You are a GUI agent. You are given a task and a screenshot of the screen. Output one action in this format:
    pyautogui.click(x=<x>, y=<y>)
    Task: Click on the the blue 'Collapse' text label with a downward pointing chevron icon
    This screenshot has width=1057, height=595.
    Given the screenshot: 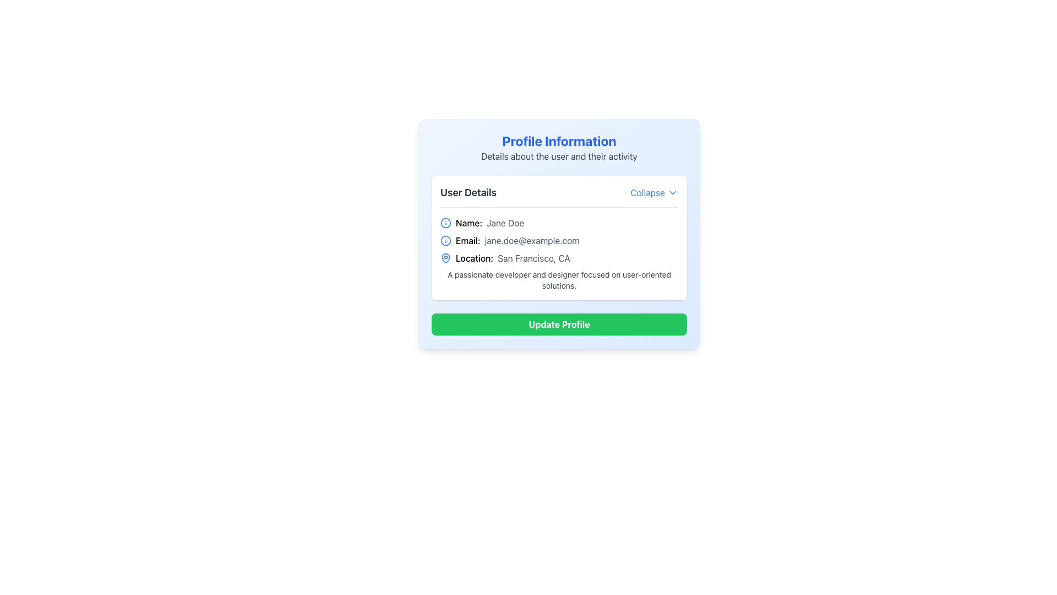 What is the action you would take?
    pyautogui.click(x=654, y=192)
    